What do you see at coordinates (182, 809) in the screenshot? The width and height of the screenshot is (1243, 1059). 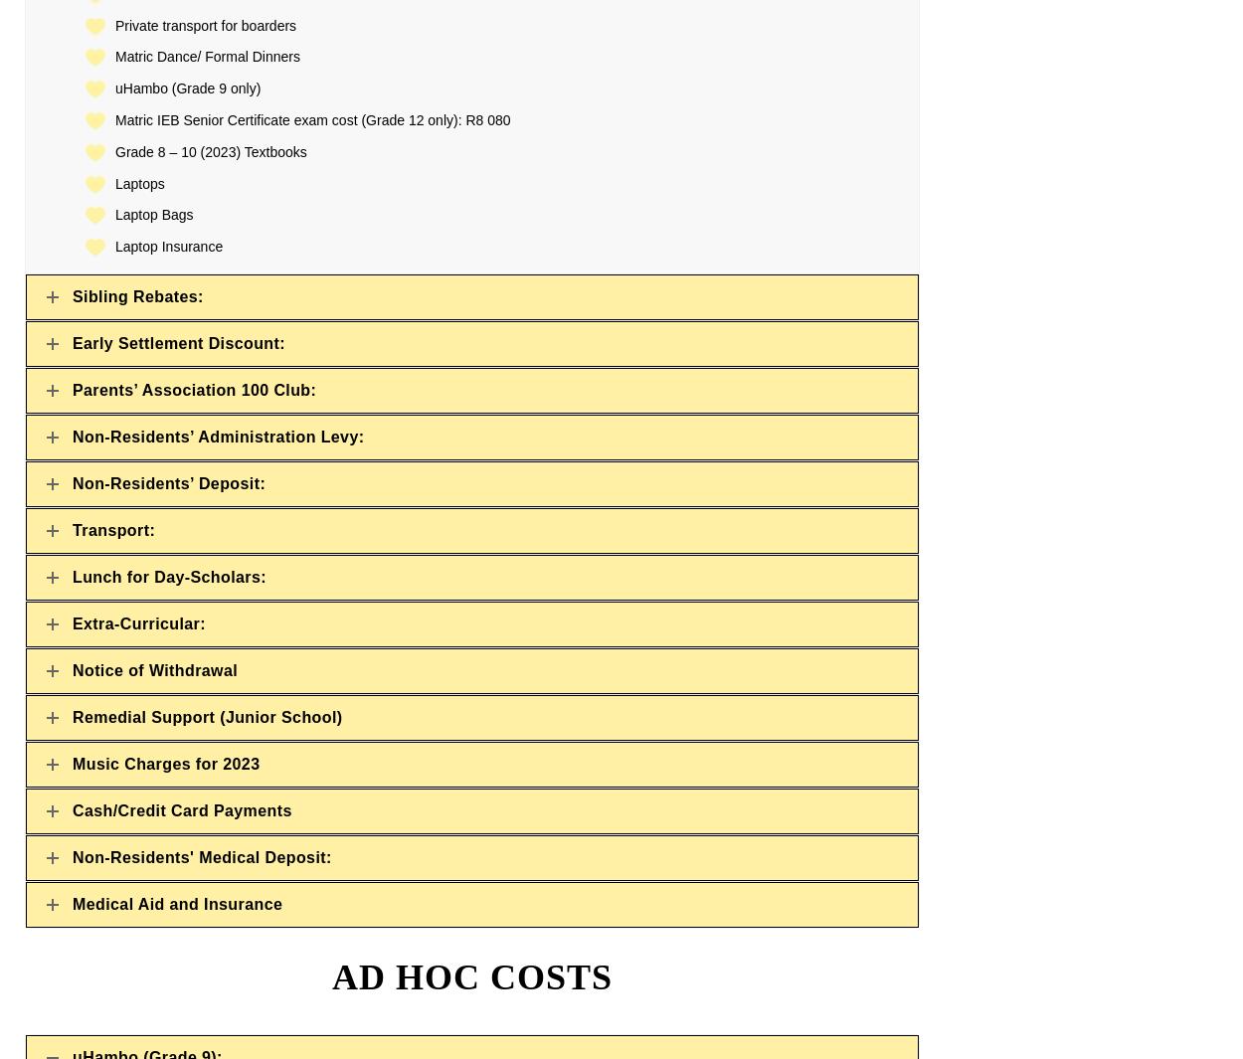 I see `'Cash/Credit Card Payments'` at bounding box center [182, 809].